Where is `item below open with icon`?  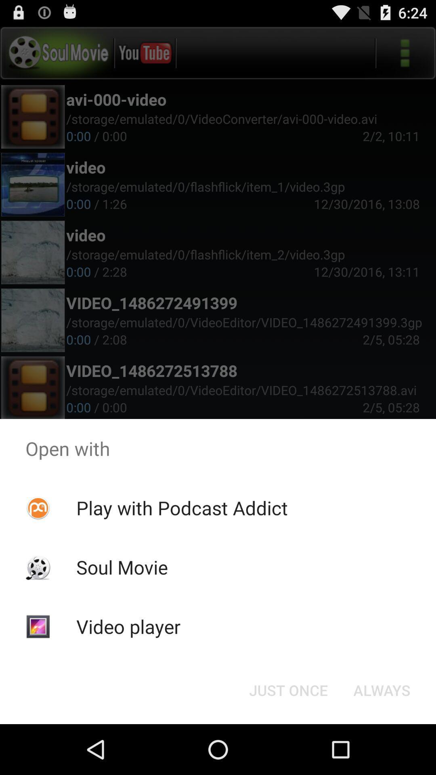 item below open with icon is located at coordinates (182, 507).